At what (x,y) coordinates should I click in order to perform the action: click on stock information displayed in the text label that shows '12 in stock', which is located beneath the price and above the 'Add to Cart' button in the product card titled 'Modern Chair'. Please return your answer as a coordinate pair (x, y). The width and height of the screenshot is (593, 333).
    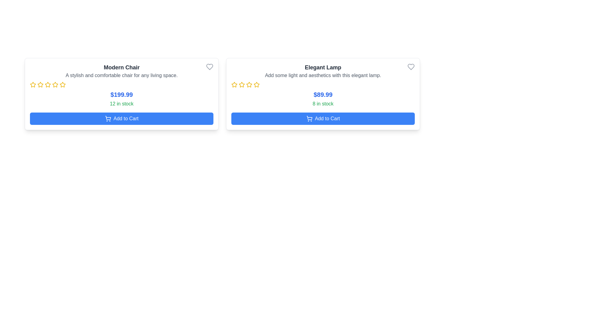
    Looking at the image, I should click on (121, 103).